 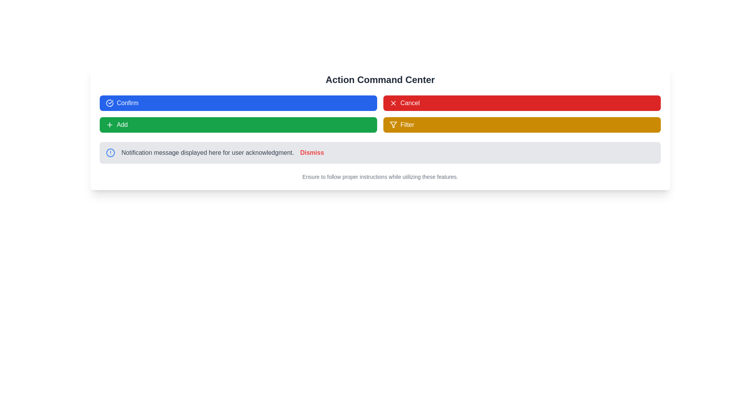 I want to click on the cancellation icon located on the right side of the header section, adjacent to the 'Cancel' button, so click(x=393, y=103).